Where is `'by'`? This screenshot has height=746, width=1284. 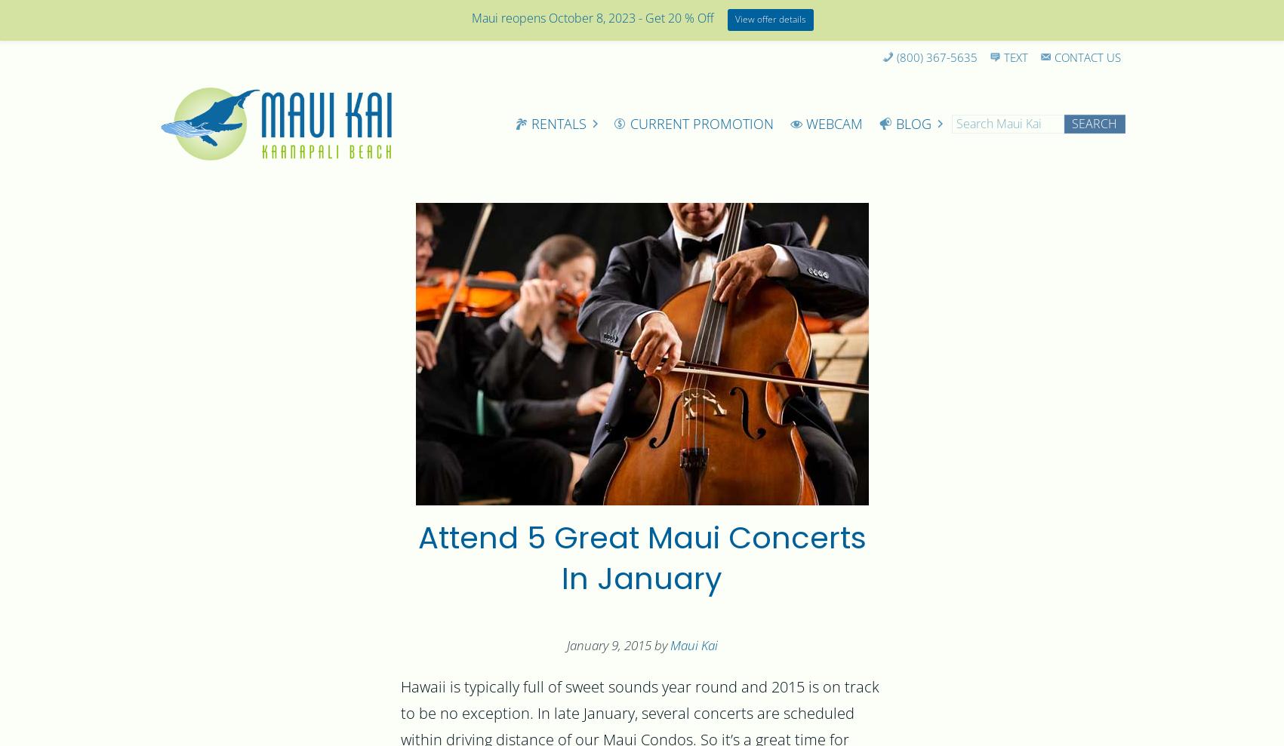
'by' is located at coordinates (650, 647).